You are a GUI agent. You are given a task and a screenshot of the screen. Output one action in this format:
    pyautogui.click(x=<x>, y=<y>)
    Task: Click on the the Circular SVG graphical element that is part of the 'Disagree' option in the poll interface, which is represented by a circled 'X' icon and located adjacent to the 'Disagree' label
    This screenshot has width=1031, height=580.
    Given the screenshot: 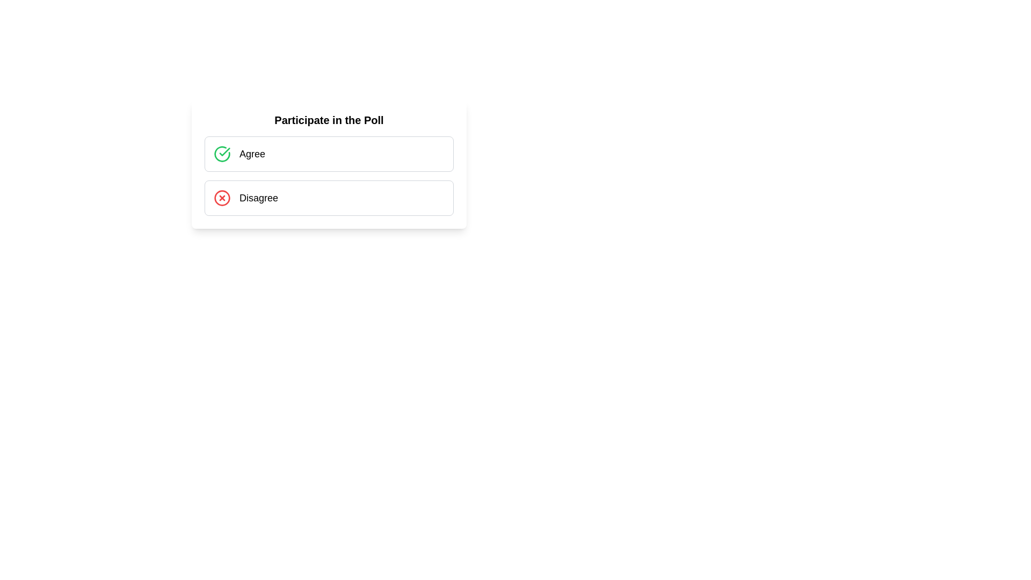 What is the action you would take?
    pyautogui.click(x=221, y=198)
    